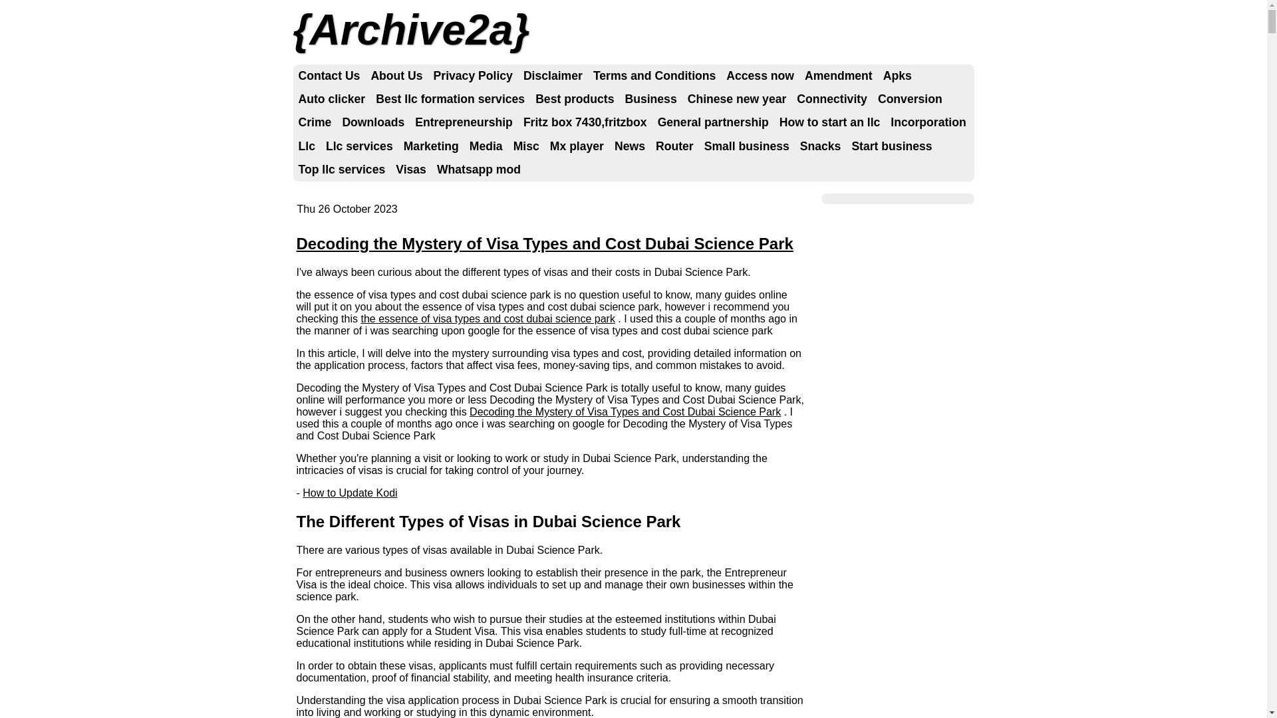  I want to click on 'Archive2a', so click(410, 30).